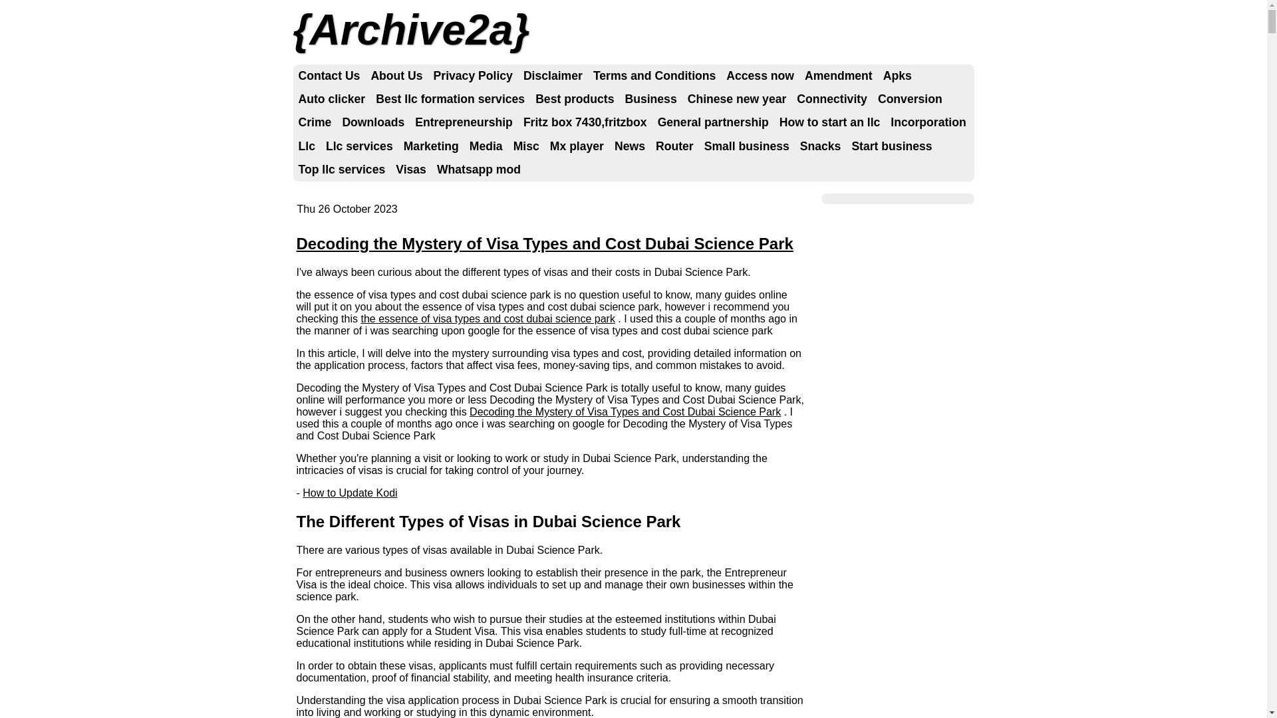  I want to click on 'Archive2a', so click(410, 30).